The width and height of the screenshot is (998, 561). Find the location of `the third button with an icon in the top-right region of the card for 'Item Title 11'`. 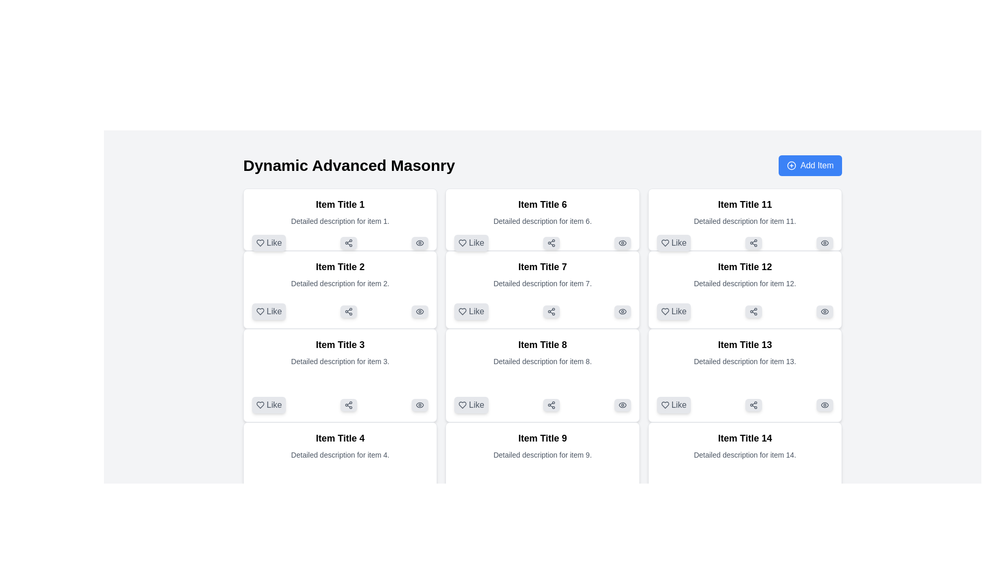

the third button with an icon in the top-right region of the card for 'Item Title 11' is located at coordinates (824, 243).